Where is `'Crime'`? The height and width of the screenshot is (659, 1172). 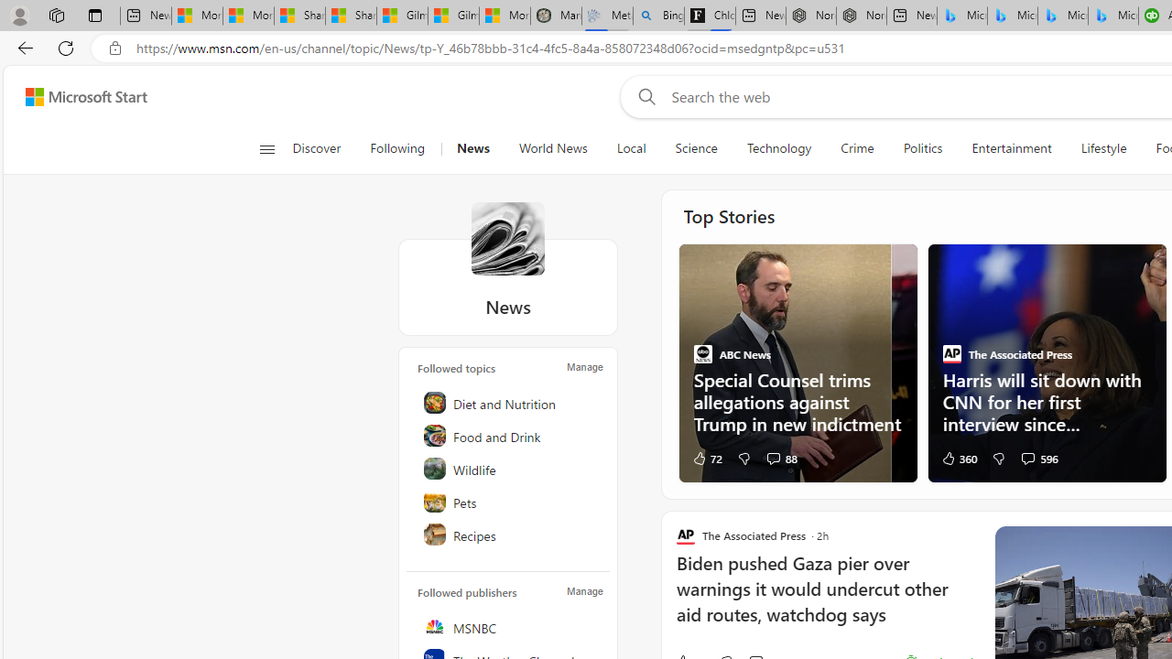 'Crime' is located at coordinates (856, 148).